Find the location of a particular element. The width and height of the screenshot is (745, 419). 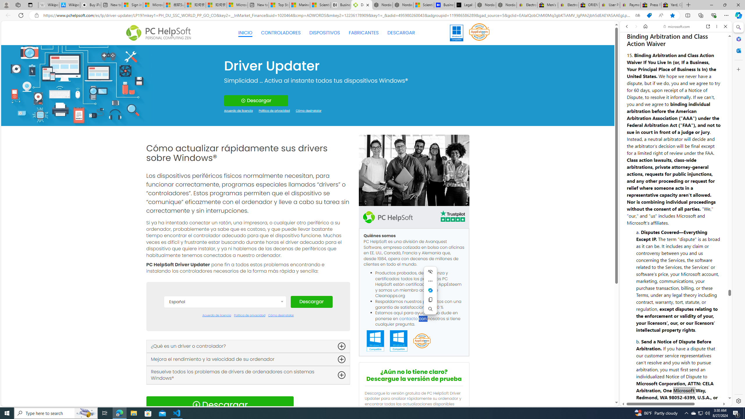

'Nordace - Summer Adventures 2024' is located at coordinates (485, 5).